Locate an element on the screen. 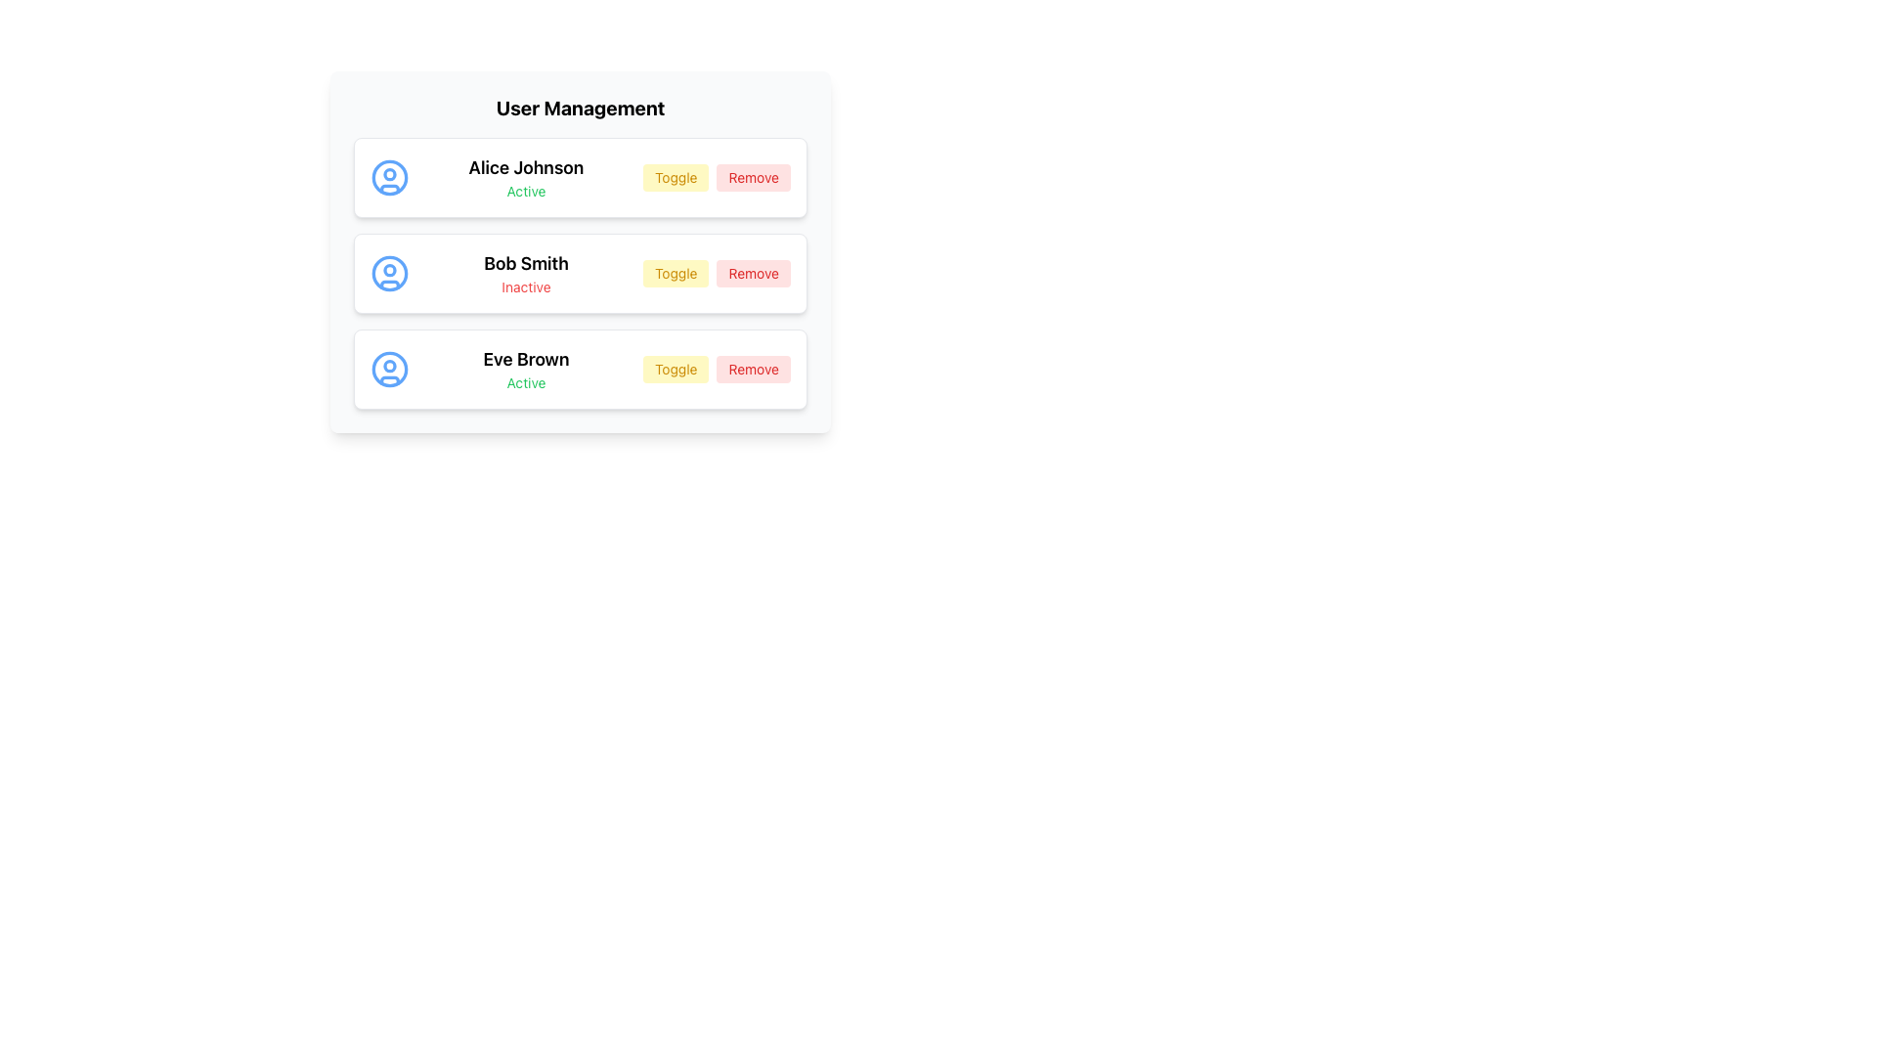 This screenshot has width=1877, height=1056. the outermost circular shape of the user profile icon representing 'Bob Smith', which is the second entry in a vertical list of user records is located at coordinates (389, 274).